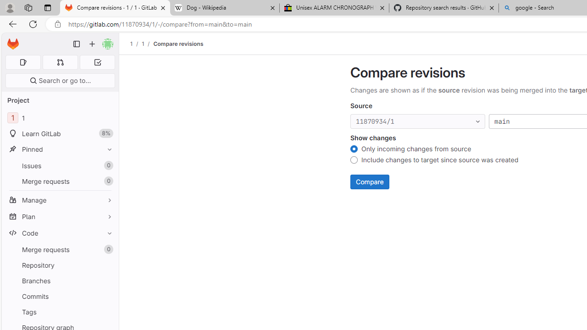  Describe the element at coordinates (107, 249) in the screenshot. I see `'Unpin Merge requests'` at that location.